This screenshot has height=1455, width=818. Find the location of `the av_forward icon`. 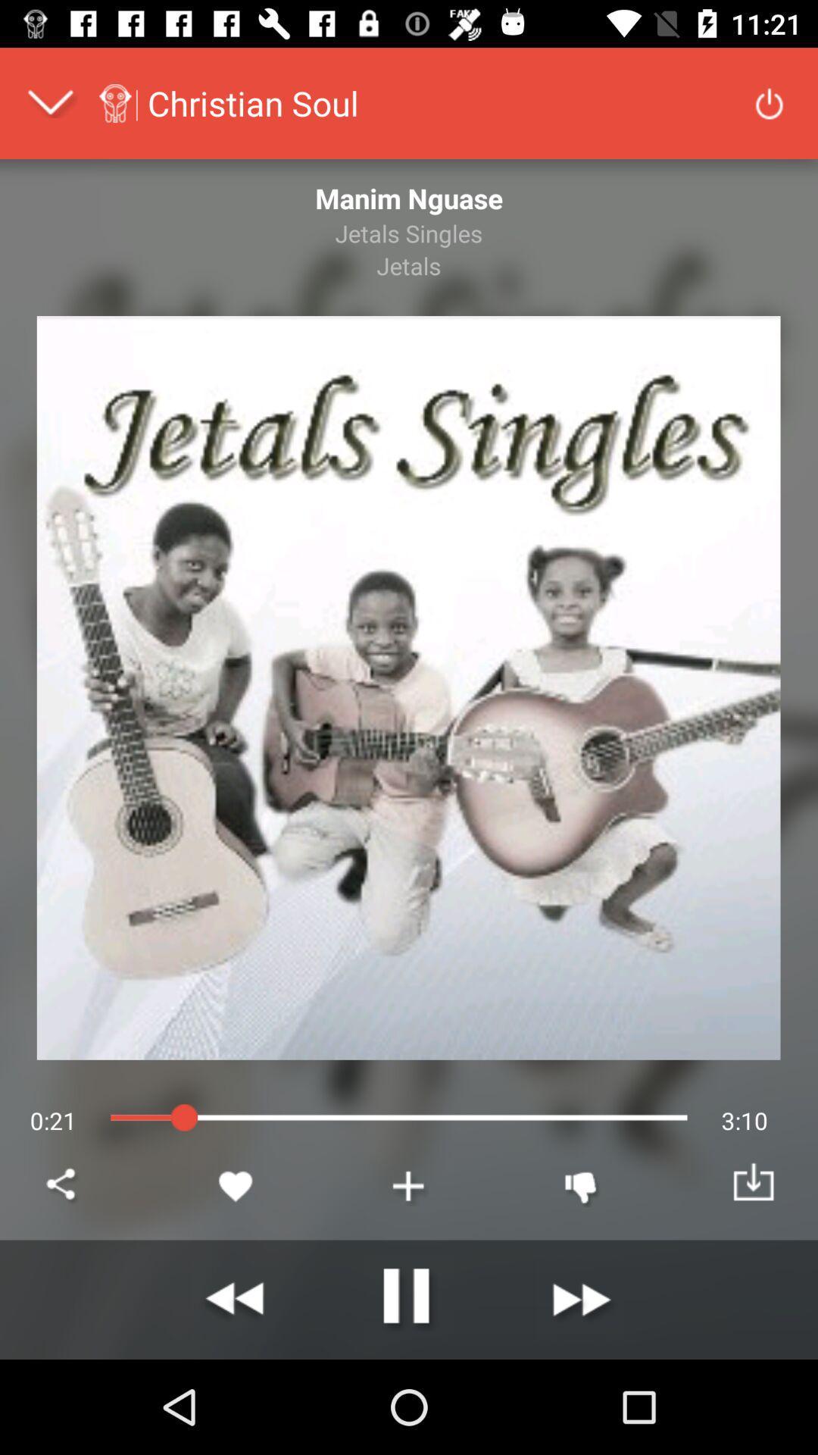

the av_forward icon is located at coordinates (580, 1299).